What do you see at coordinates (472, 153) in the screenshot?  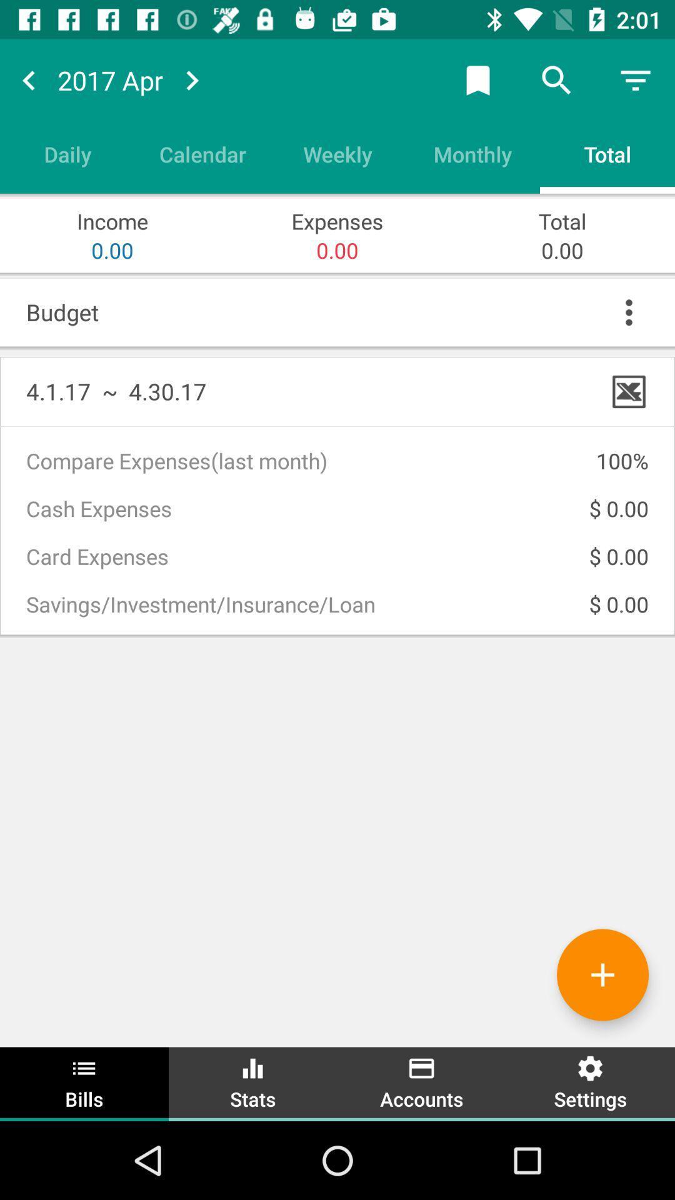 I see `monthly` at bounding box center [472, 153].